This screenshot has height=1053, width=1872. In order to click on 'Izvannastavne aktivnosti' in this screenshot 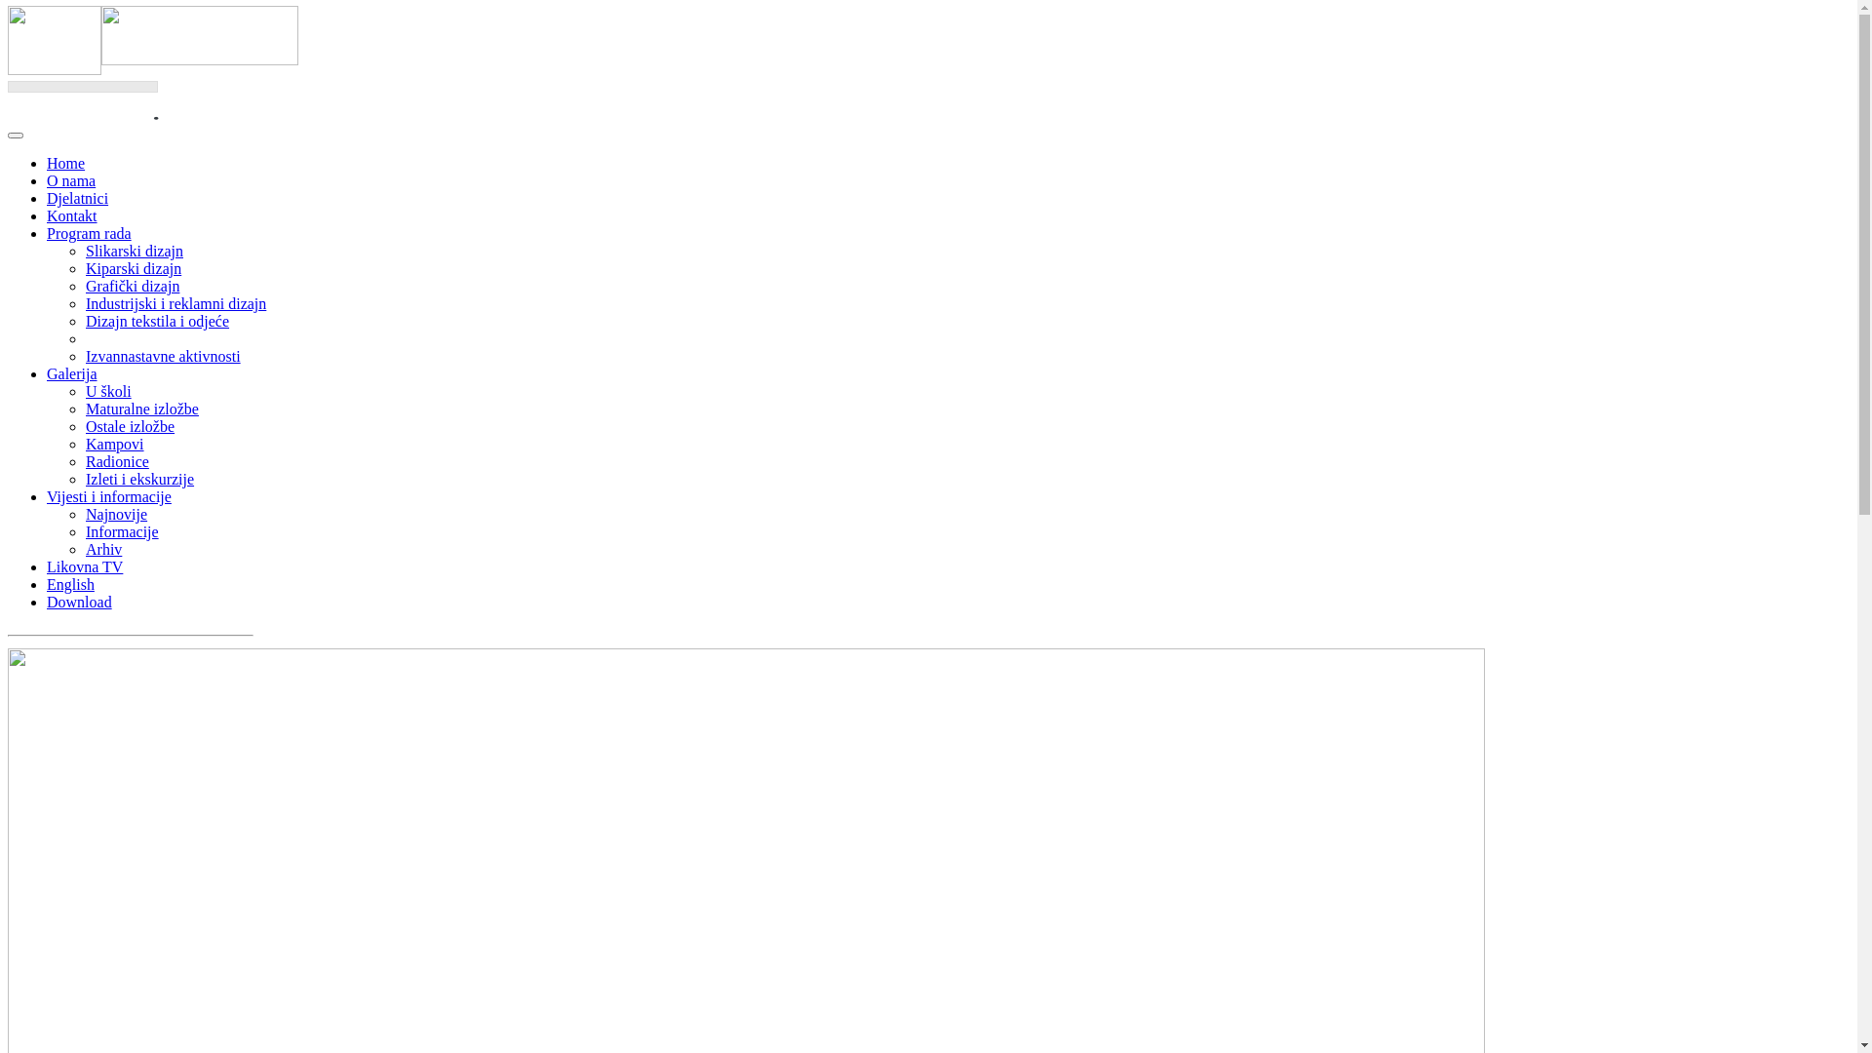, I will do `click(84, 356)`.